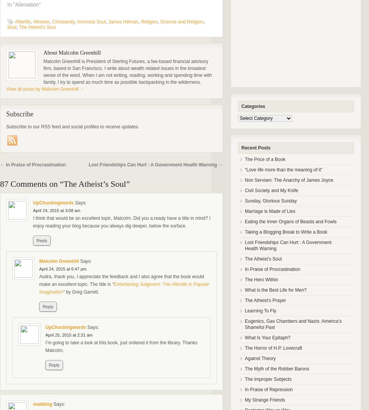  I want to click on '“Love life more than the meaning of it”', so click(283, 169).